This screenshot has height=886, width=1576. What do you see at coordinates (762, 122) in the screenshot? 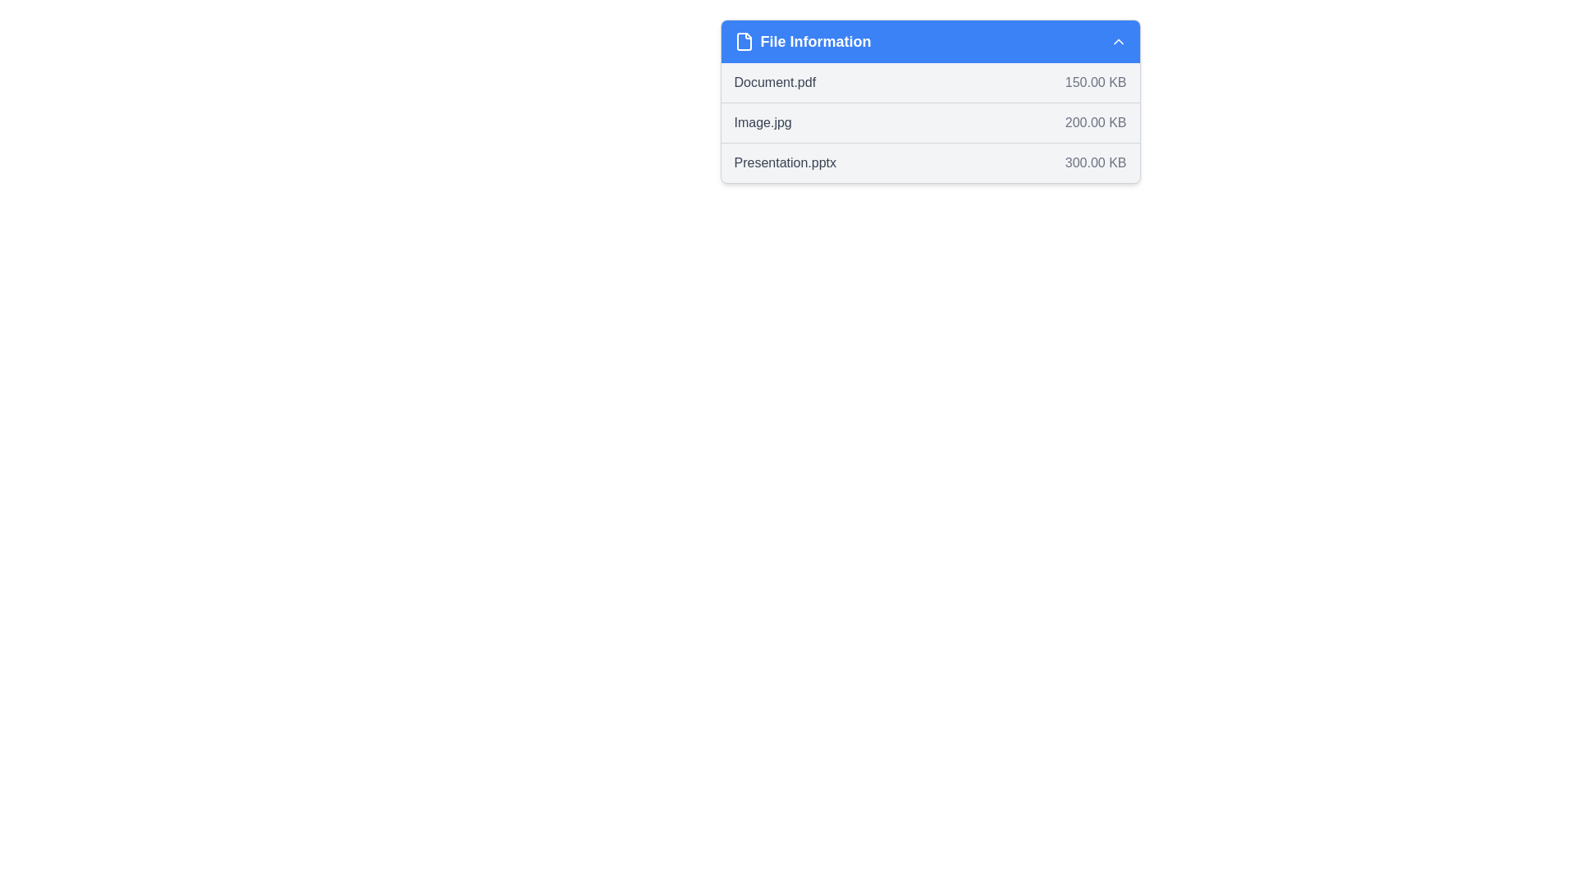
I see `the text label displaying 'Image.jpg' in a medium-sized gray font, located within the 'File Information' section` at bounding box center [762, 122].